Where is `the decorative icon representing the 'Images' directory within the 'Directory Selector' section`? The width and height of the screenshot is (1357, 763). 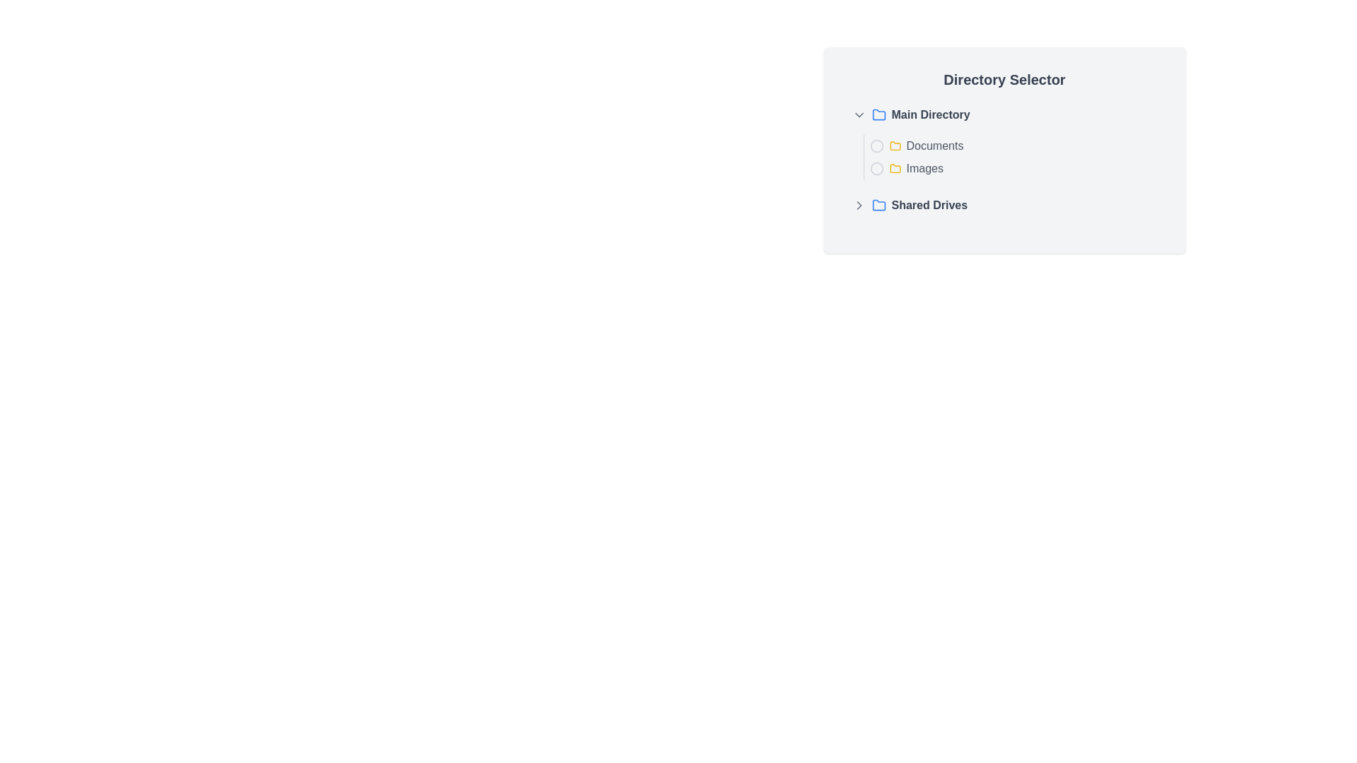
the decorative icon representing the 'Images' directory within the 'Directory Selector' section is located at coordinates (876, 168).